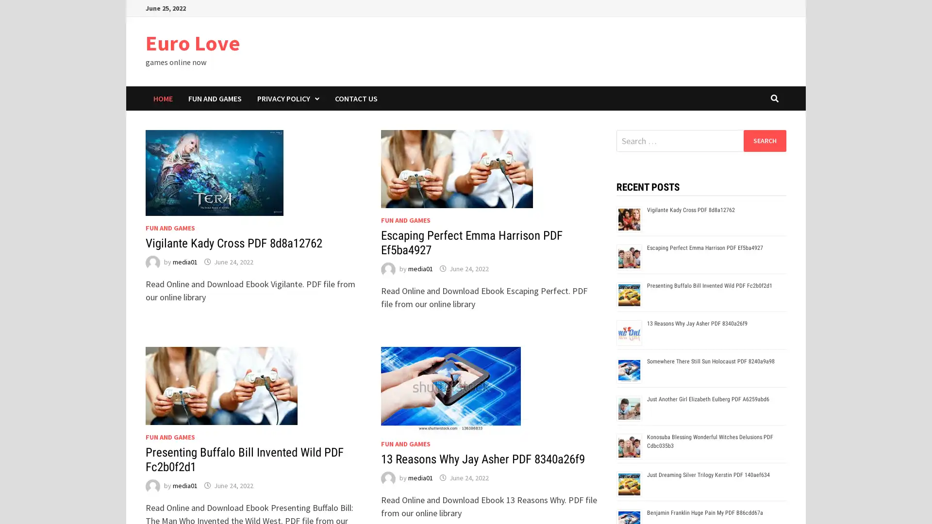  What do you see at coordinates (764, 140) in the screenshot?
I see `Search` at bounding box center [764, 140].